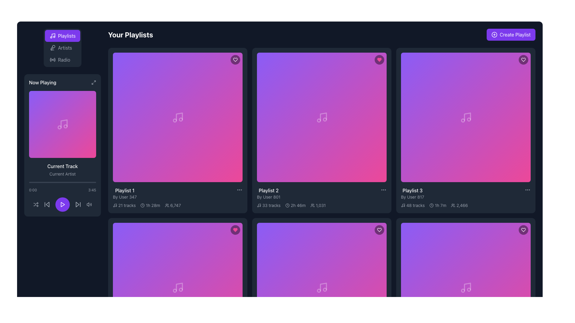 Image resolution: width=575 pixels, height=323 pixels. What do you see at coordinates (177, 205) in the screenshot?
I see `informational text displaying '21 tracks', '1h 28m', and '6,747' located at the bottom of the playlist card titled 'Playlist 1', positioned to the left of the heart icon` at bounding box center [177, 205].